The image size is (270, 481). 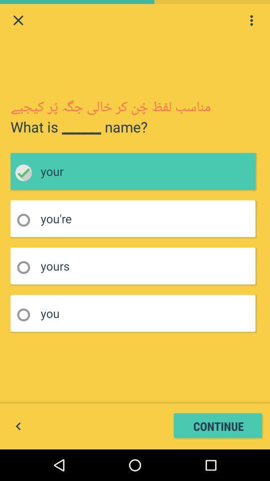 I want to click on shows mark place option, so click(x=26, y=220).